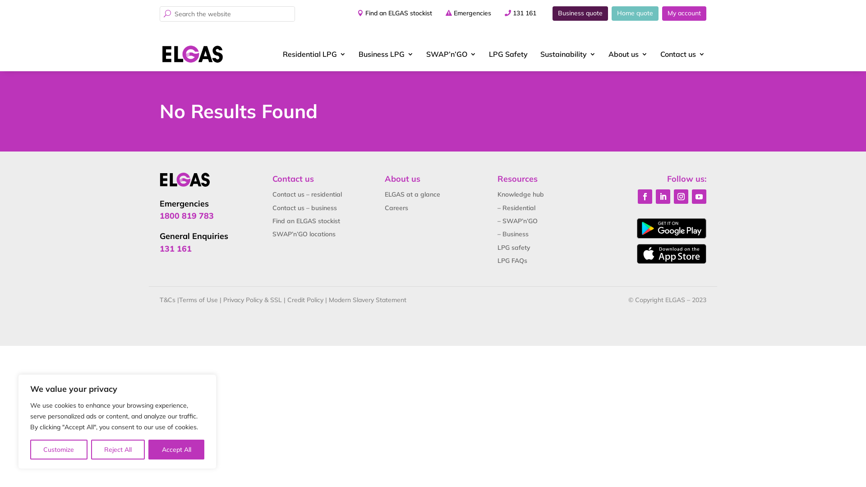 The width and height of the screenshot is (866, 487). Describe the element at coordinates (514, 247) in the screenshot. I see `'LPG safety'` at that location.